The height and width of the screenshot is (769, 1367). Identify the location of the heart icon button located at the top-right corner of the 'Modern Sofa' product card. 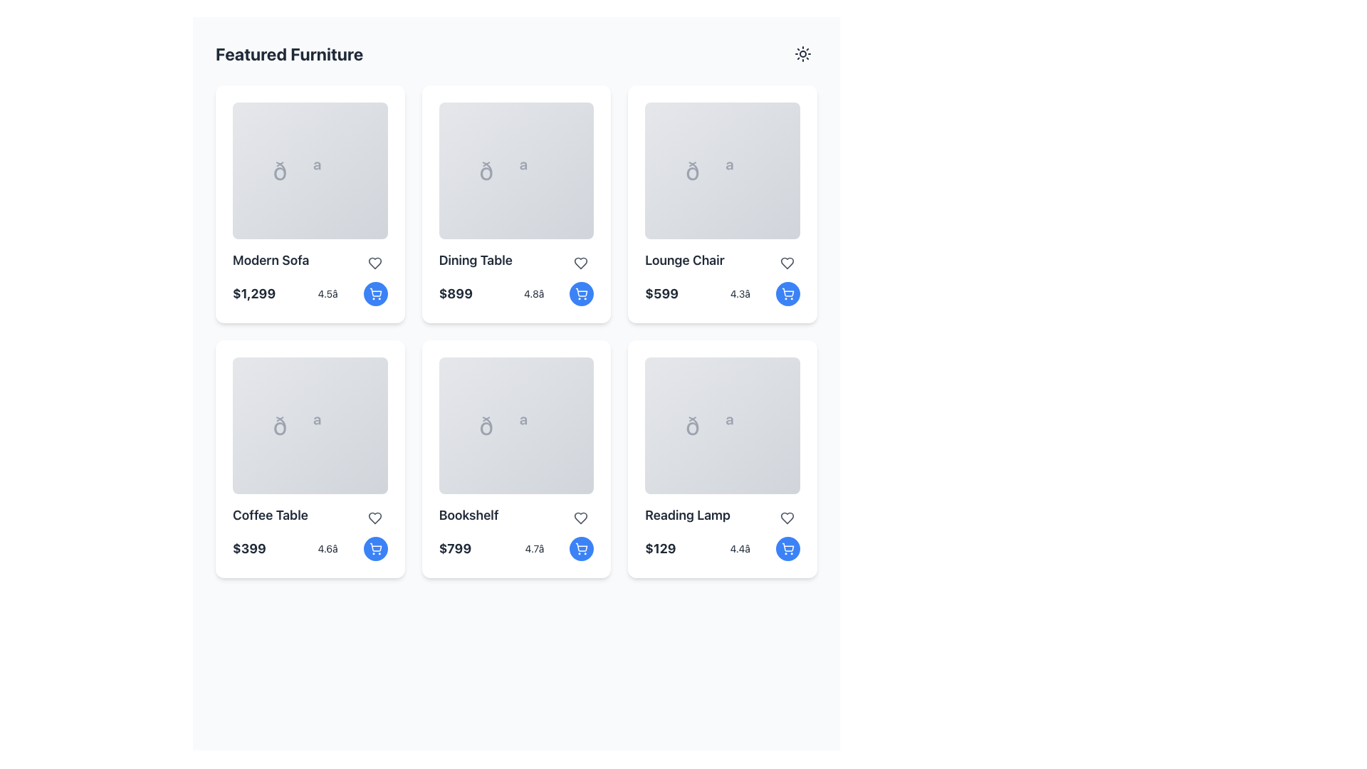
(375, 263).